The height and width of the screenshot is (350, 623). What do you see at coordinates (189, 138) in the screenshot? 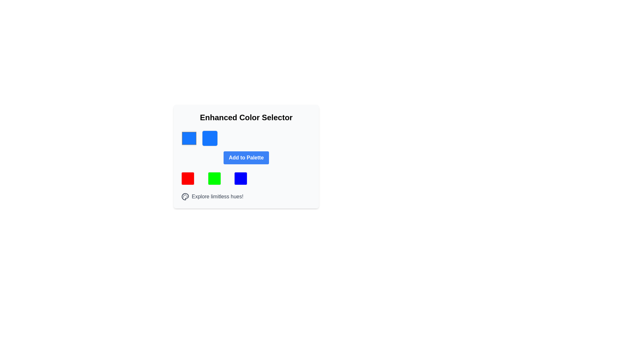
I see `the Color selector button, which is the first square component in a horizontal alignment` at bounding box center [189, 138].